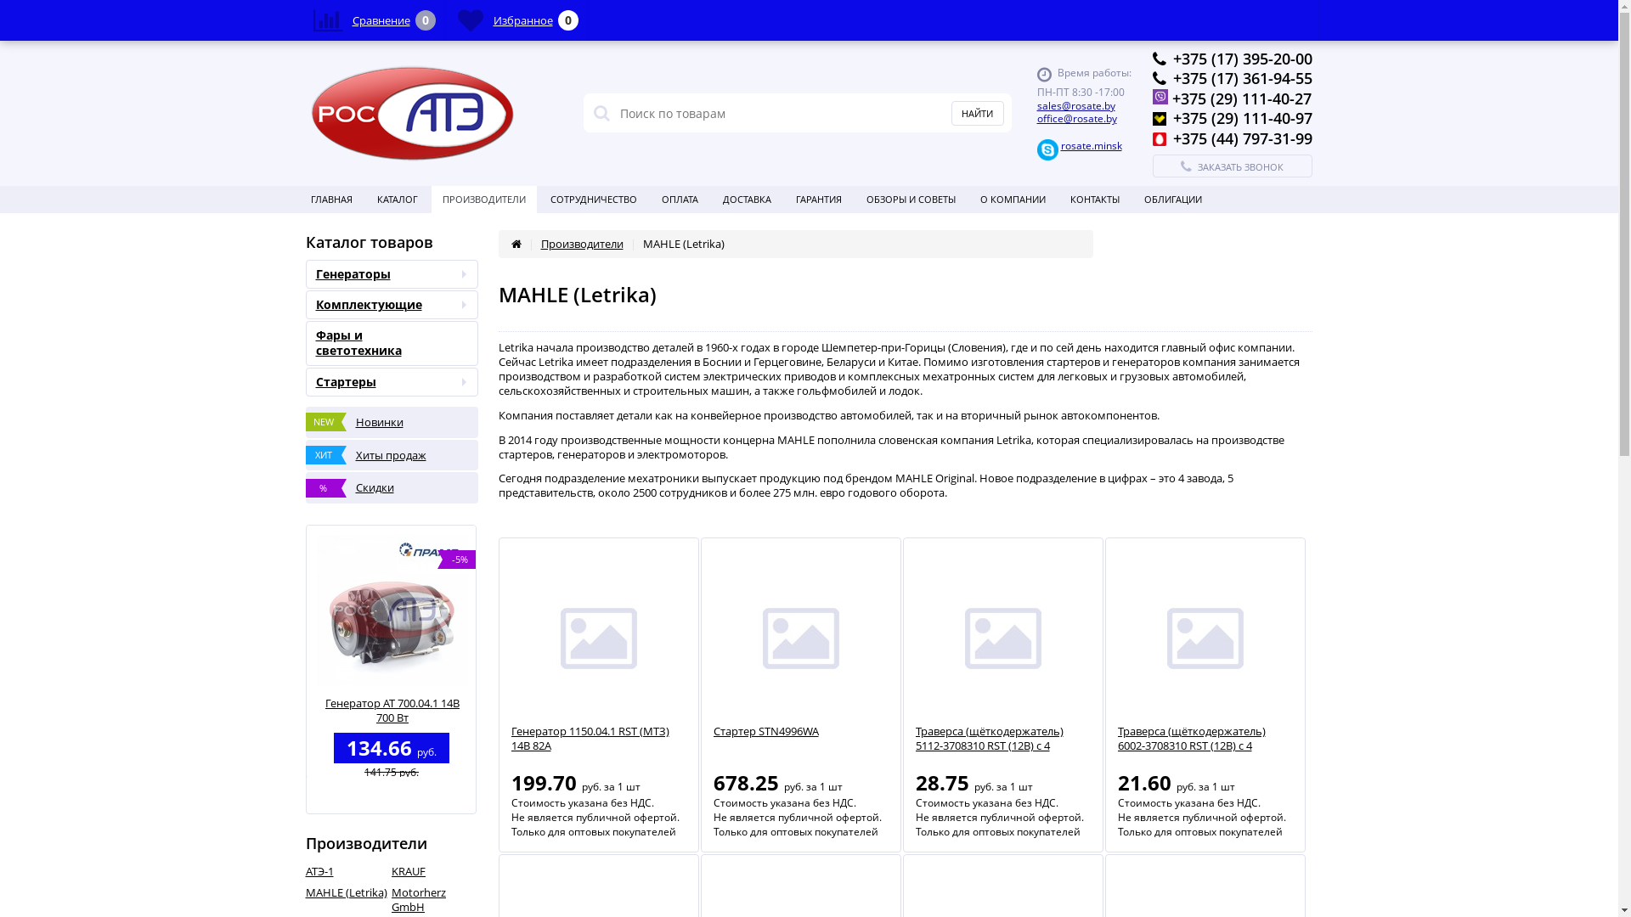  Describe the element at coordinates (1242, 116) in the screenshot. I see `'+375 (29) 111-40-97'` at that location.